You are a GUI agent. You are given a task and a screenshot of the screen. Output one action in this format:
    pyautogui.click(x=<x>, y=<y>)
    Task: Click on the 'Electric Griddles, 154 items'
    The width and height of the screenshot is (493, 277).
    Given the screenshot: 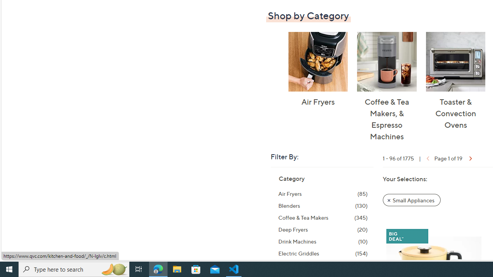 What is the action you would take?
    pyautogui.click(x=323, y=254)
    